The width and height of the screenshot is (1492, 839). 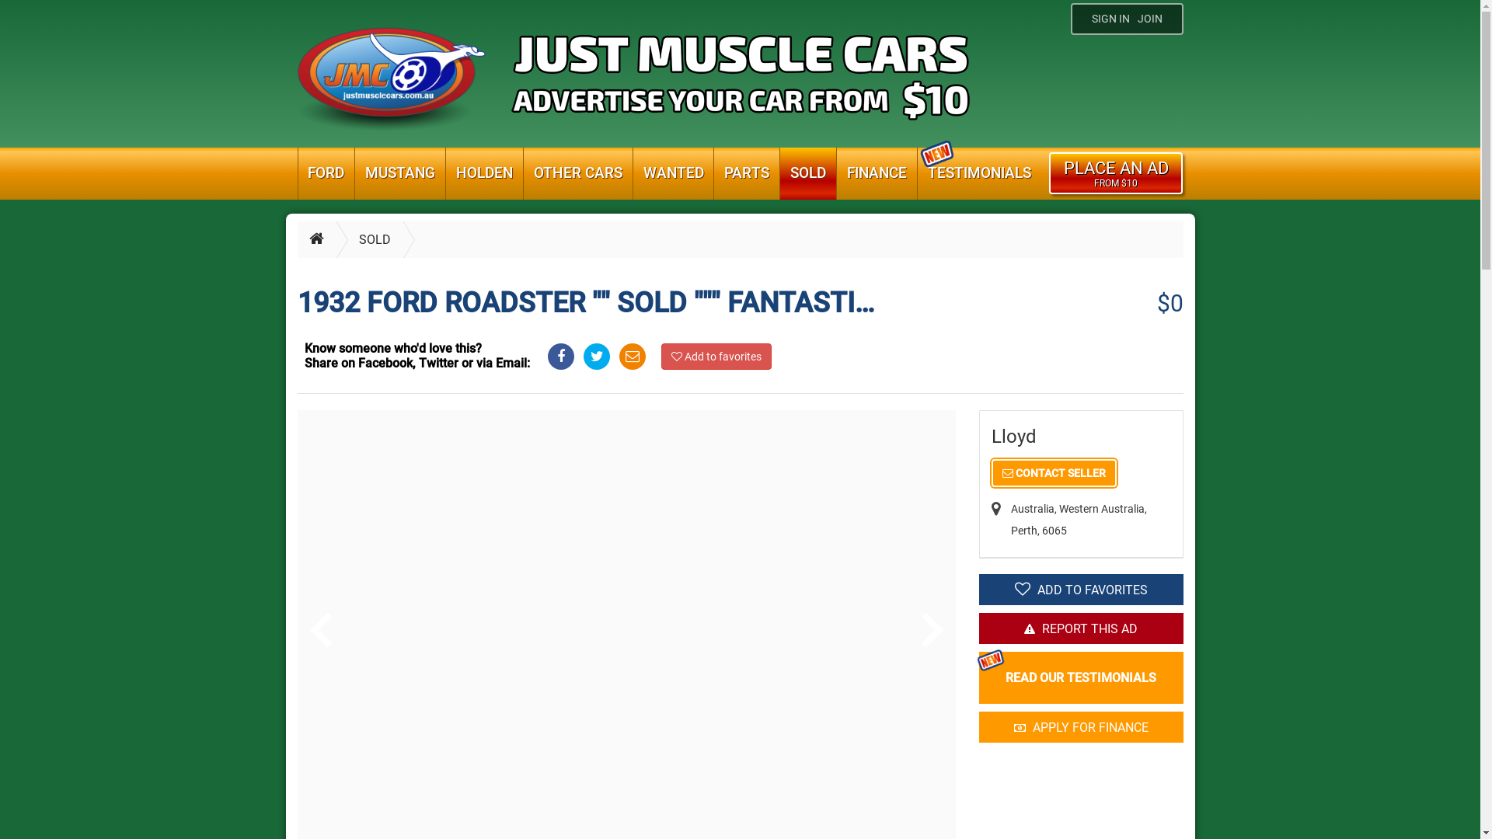 I want to click on 'PLACE AN AD, so click(x=1048, y=173).